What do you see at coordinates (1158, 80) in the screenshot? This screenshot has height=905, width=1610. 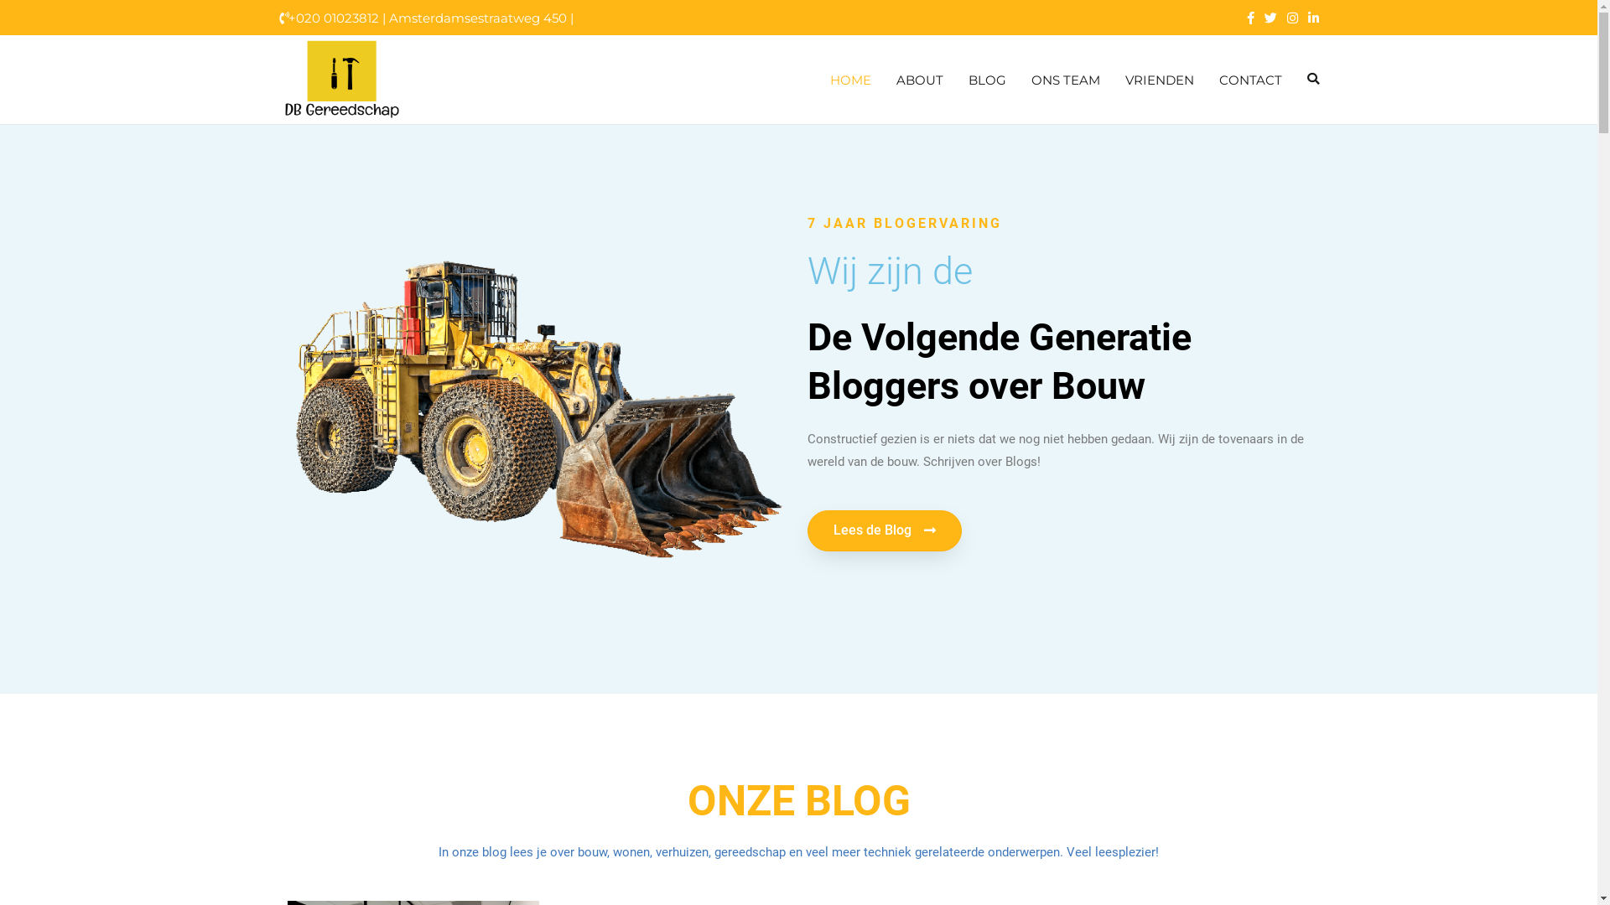 I see `'VRIENDEN'` at bounding box center [1158, 80].